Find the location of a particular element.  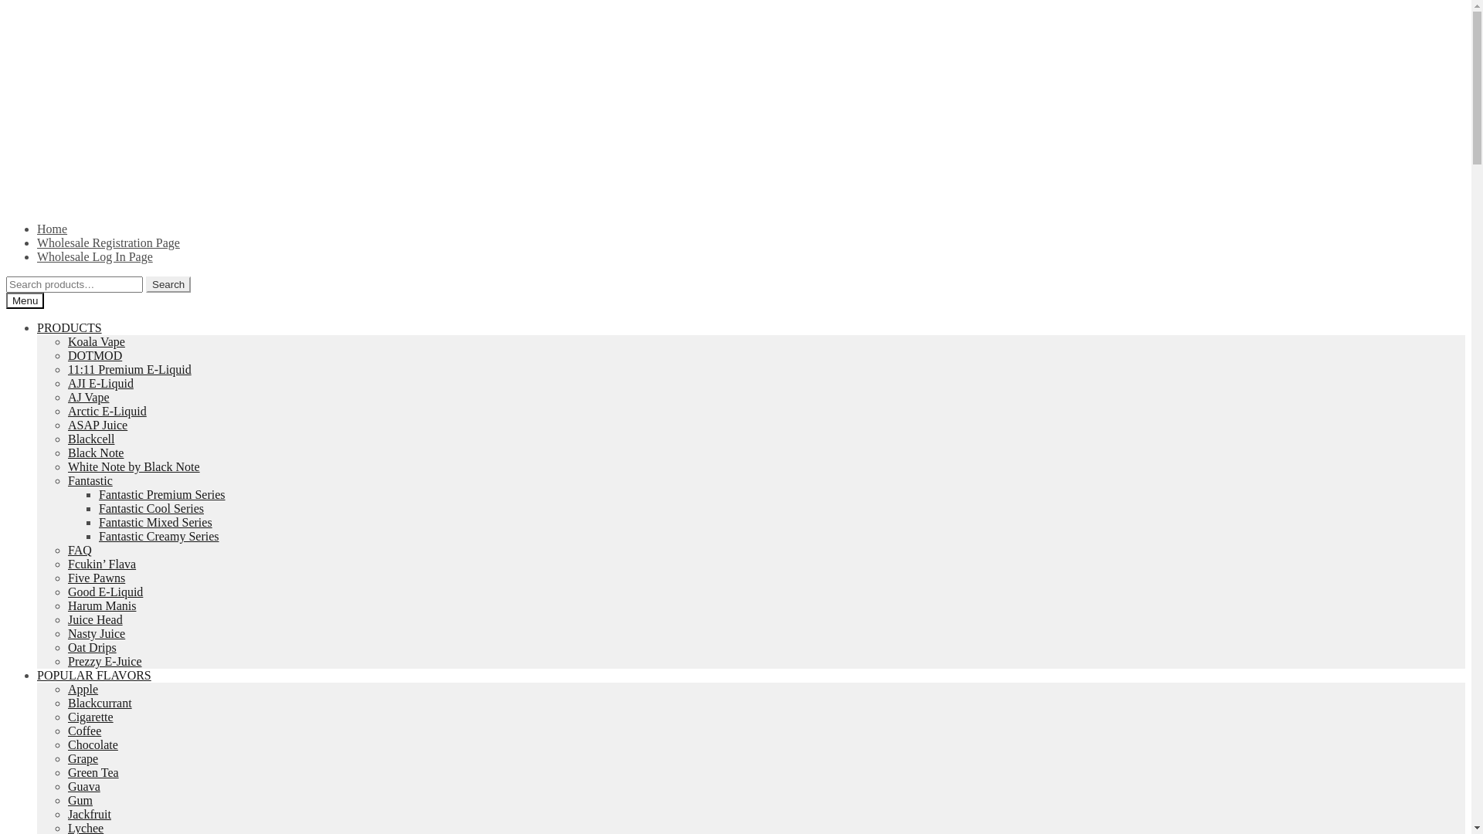

'Menu' is located at coordinates (25, 300).